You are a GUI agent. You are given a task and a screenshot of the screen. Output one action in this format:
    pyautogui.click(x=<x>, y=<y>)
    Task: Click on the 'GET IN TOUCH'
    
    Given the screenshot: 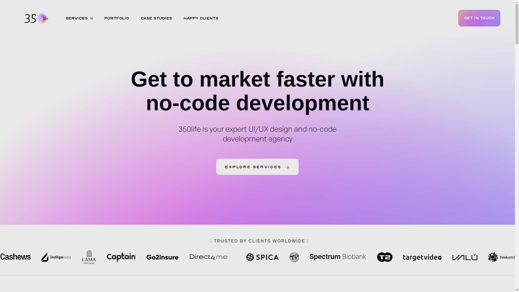 What is the action you would take?
    pyautogui.click(x=479, y=18)
    